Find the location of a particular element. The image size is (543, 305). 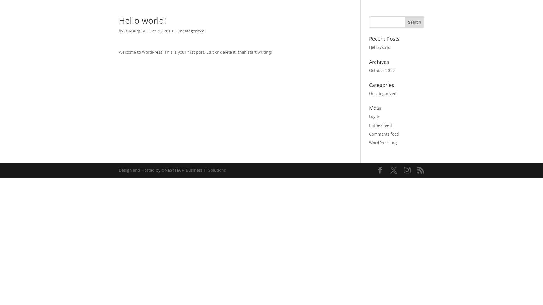

'Entries feed' is located at coordinates (369, 125).